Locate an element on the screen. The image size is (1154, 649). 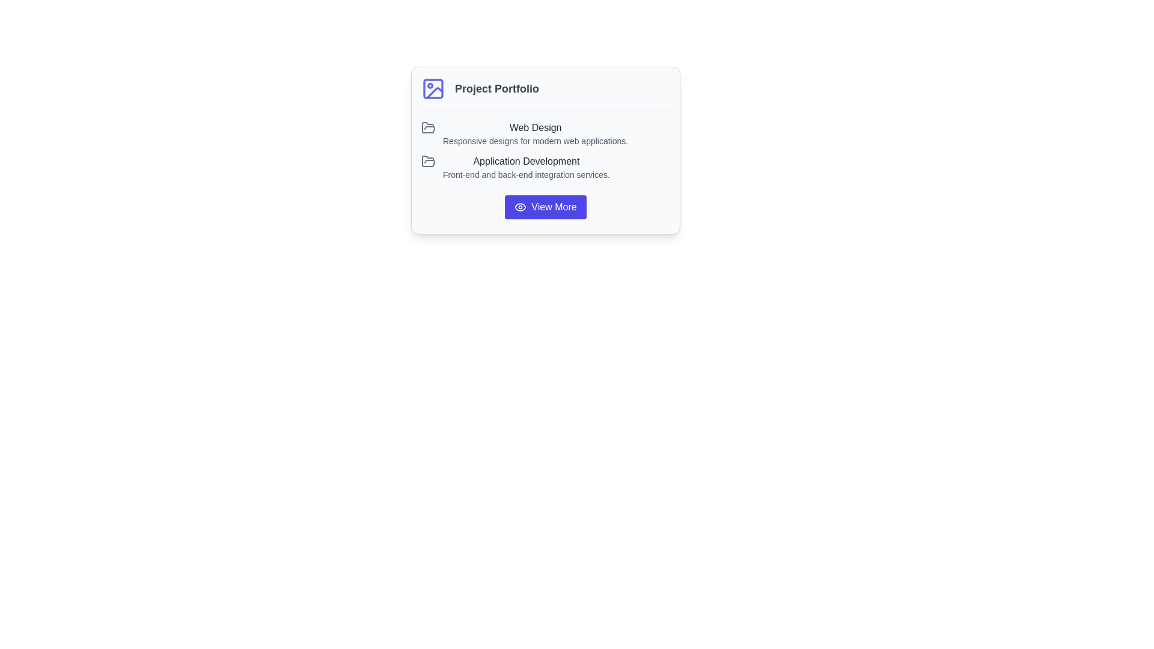
the non-interactive descriptive text related to 'Application Development' located within the 'Project Portfolio' card, which is the second description in the list is located at coordinates (526, 174).